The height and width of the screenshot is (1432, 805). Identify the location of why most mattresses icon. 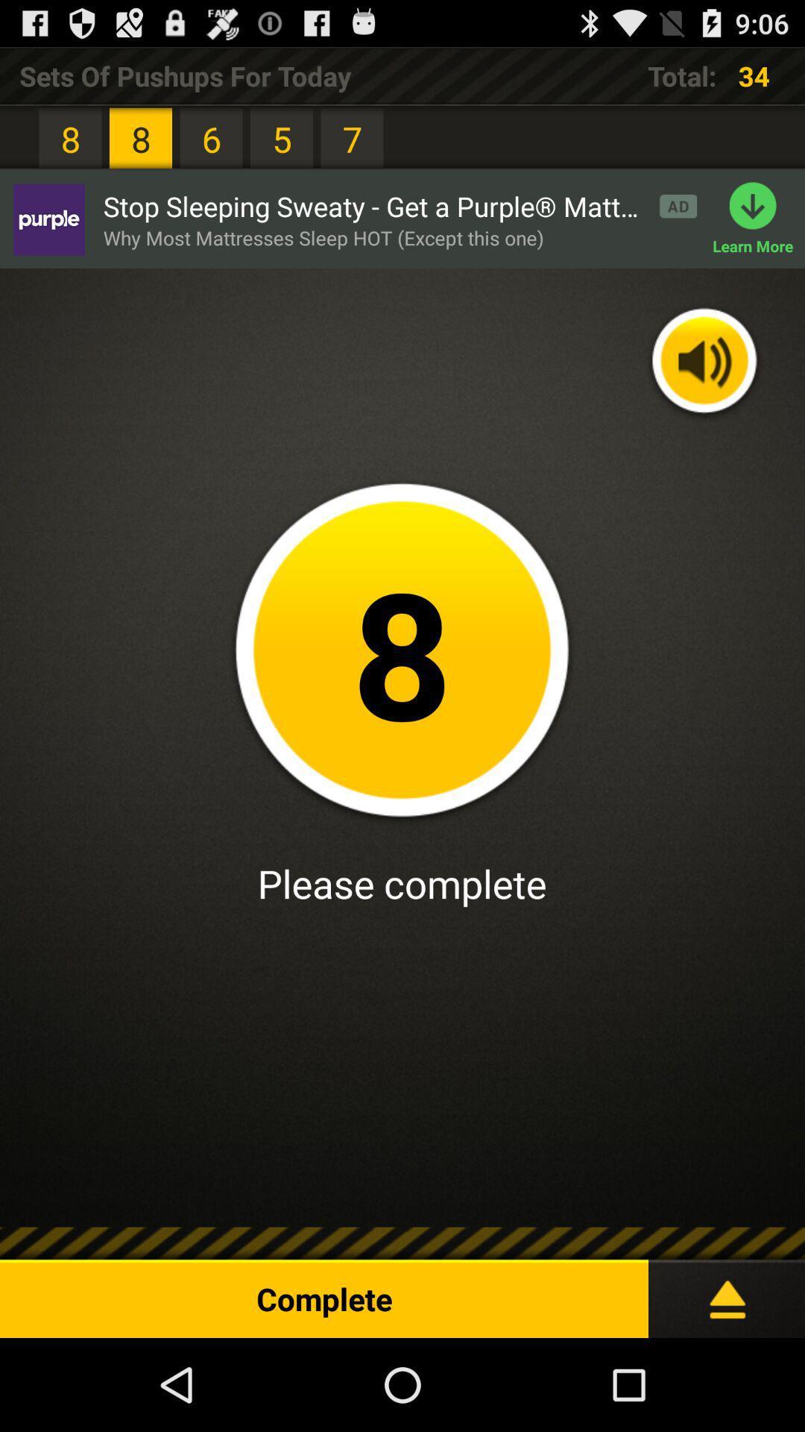
(323, 237).